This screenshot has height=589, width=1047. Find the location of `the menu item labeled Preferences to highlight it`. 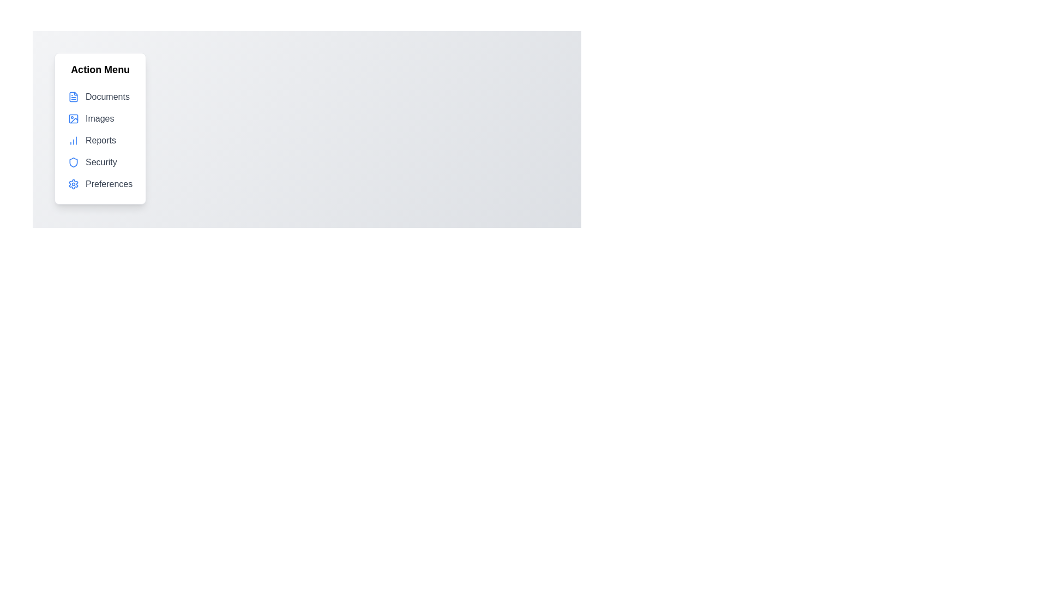

the menu item labeled Preferences to highlight it is located at coordinates (100, 184).